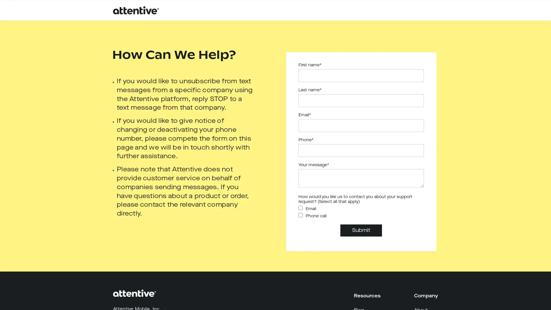 The height and width of the screenshot is (310, 551). I want to click on Submit, so click(361, 230).